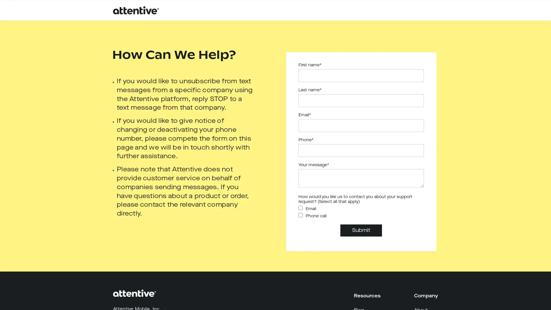 The height and width of the screenshot is (310, 551). I want to click on Submit, so click(361, 230).